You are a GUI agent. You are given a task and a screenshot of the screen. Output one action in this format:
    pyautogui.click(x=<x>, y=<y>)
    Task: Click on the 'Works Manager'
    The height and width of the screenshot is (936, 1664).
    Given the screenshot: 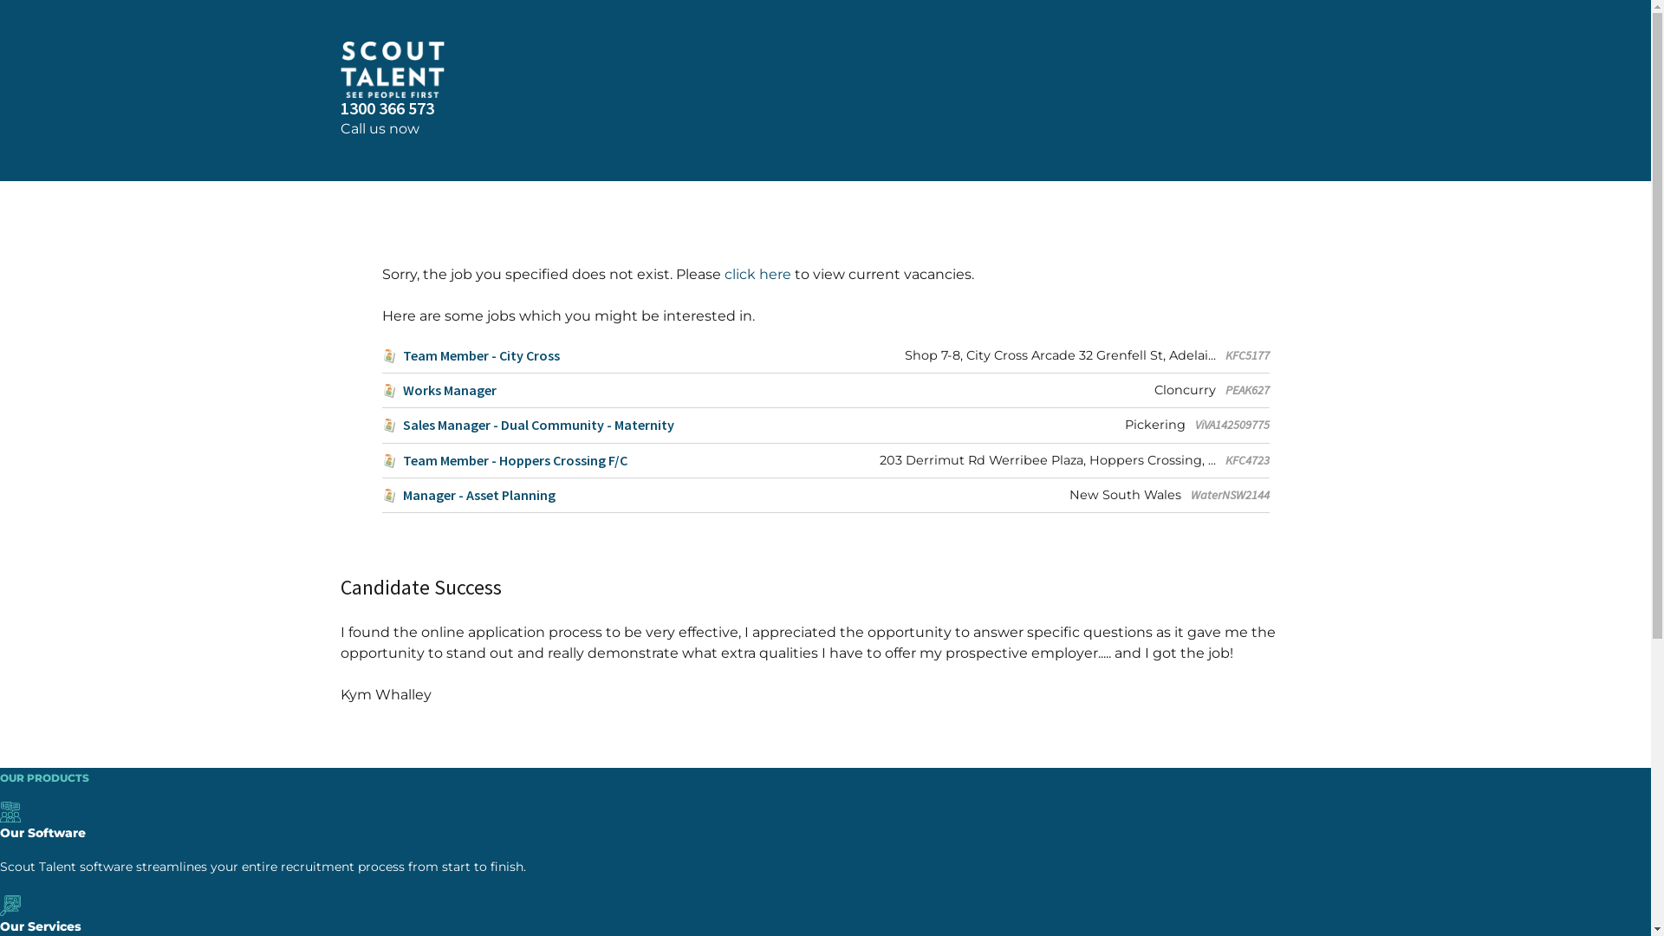 What is the action you would take?
    pyautogui.click(x=438, y=390)
    